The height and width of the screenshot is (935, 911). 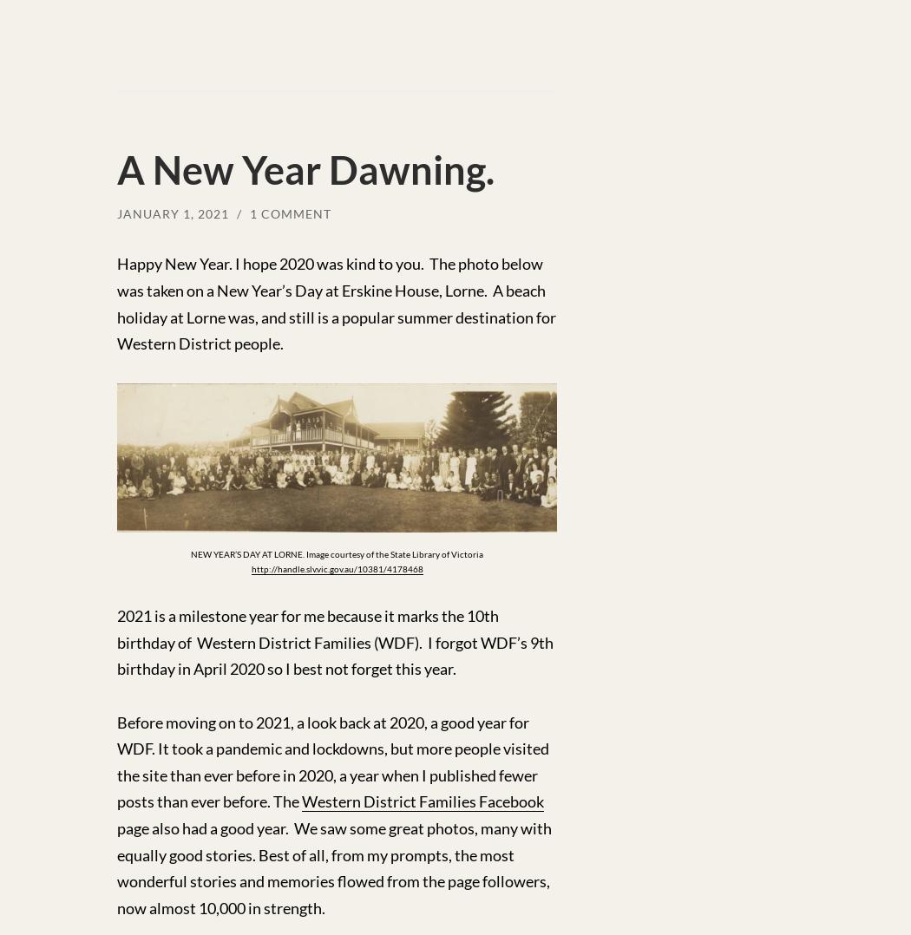 What do you see at coordinates (336, 304) in the screenshot?
I see `'Happy New Year. I hope 2020 was kind to you.  The photo below was taken on a New Year’s Day at Erskine House, Lorne.  A beach holiday at Lorne was, and still is a popular summer destination for Western District people.'` at bounding box center [336, 304].